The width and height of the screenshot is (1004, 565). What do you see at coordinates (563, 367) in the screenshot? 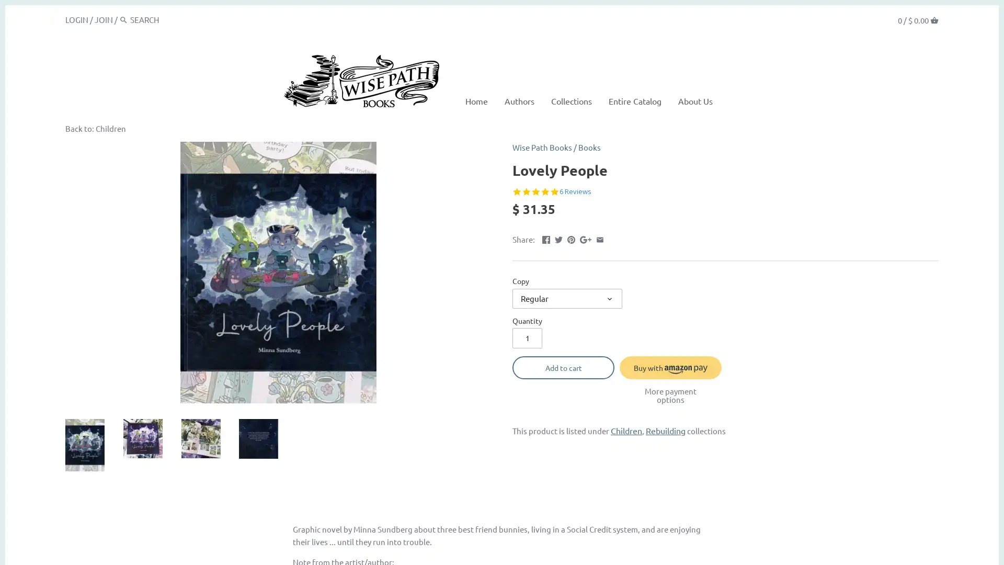
I see `Add to cart` at bounding box center [563, 367].